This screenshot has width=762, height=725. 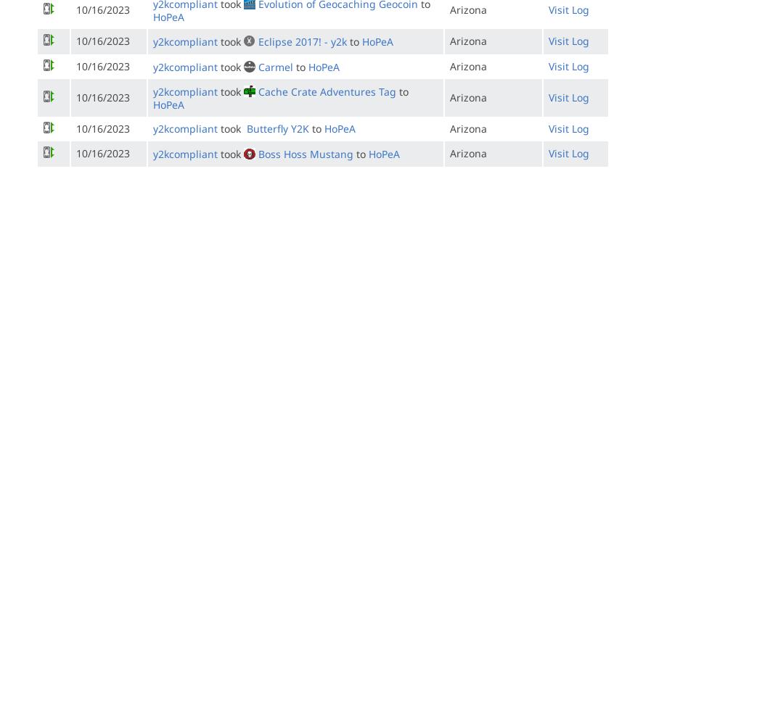 What do you see at coordinates (305, 153) in the screenshot?
I see `'Boss Hoss Mustang'` at bounding box center [305, 153].